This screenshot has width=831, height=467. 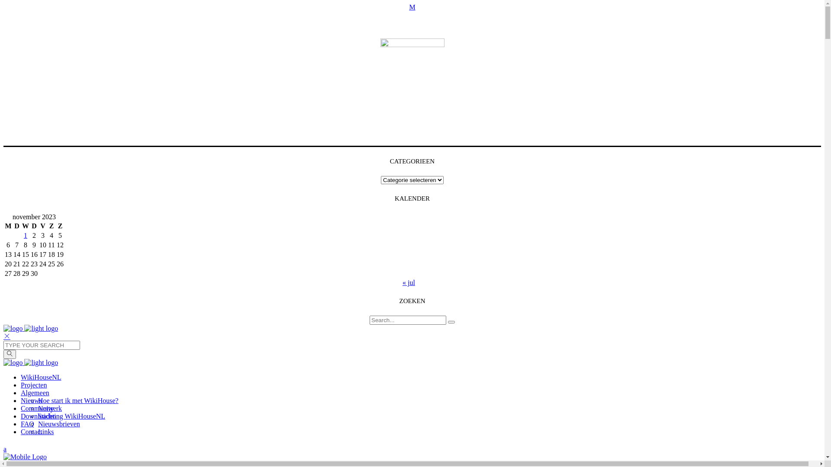 I want to click on 'Stichting WikiHouseNL', so click(x=71, y=416).